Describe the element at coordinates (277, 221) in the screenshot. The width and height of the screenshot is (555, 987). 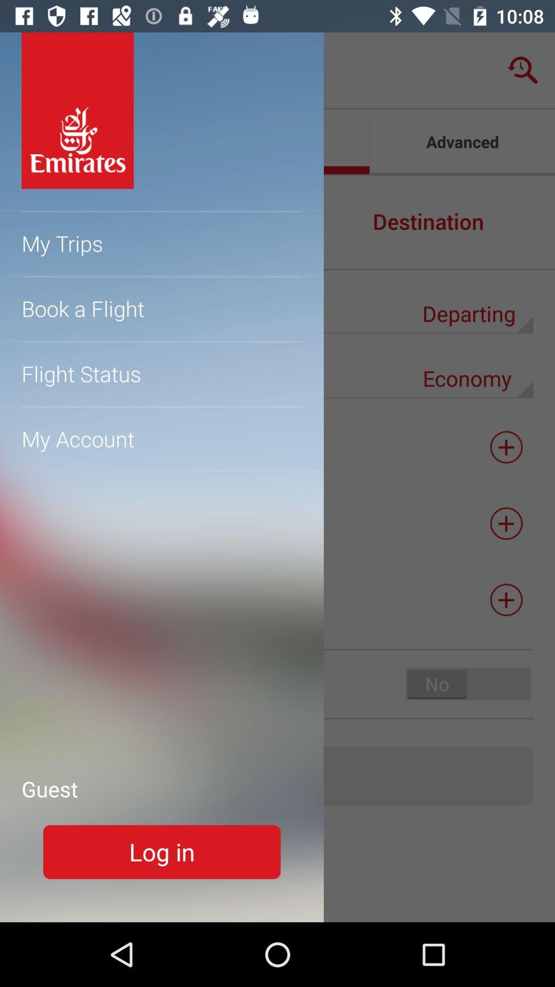
I see `the minus icon` at that location.